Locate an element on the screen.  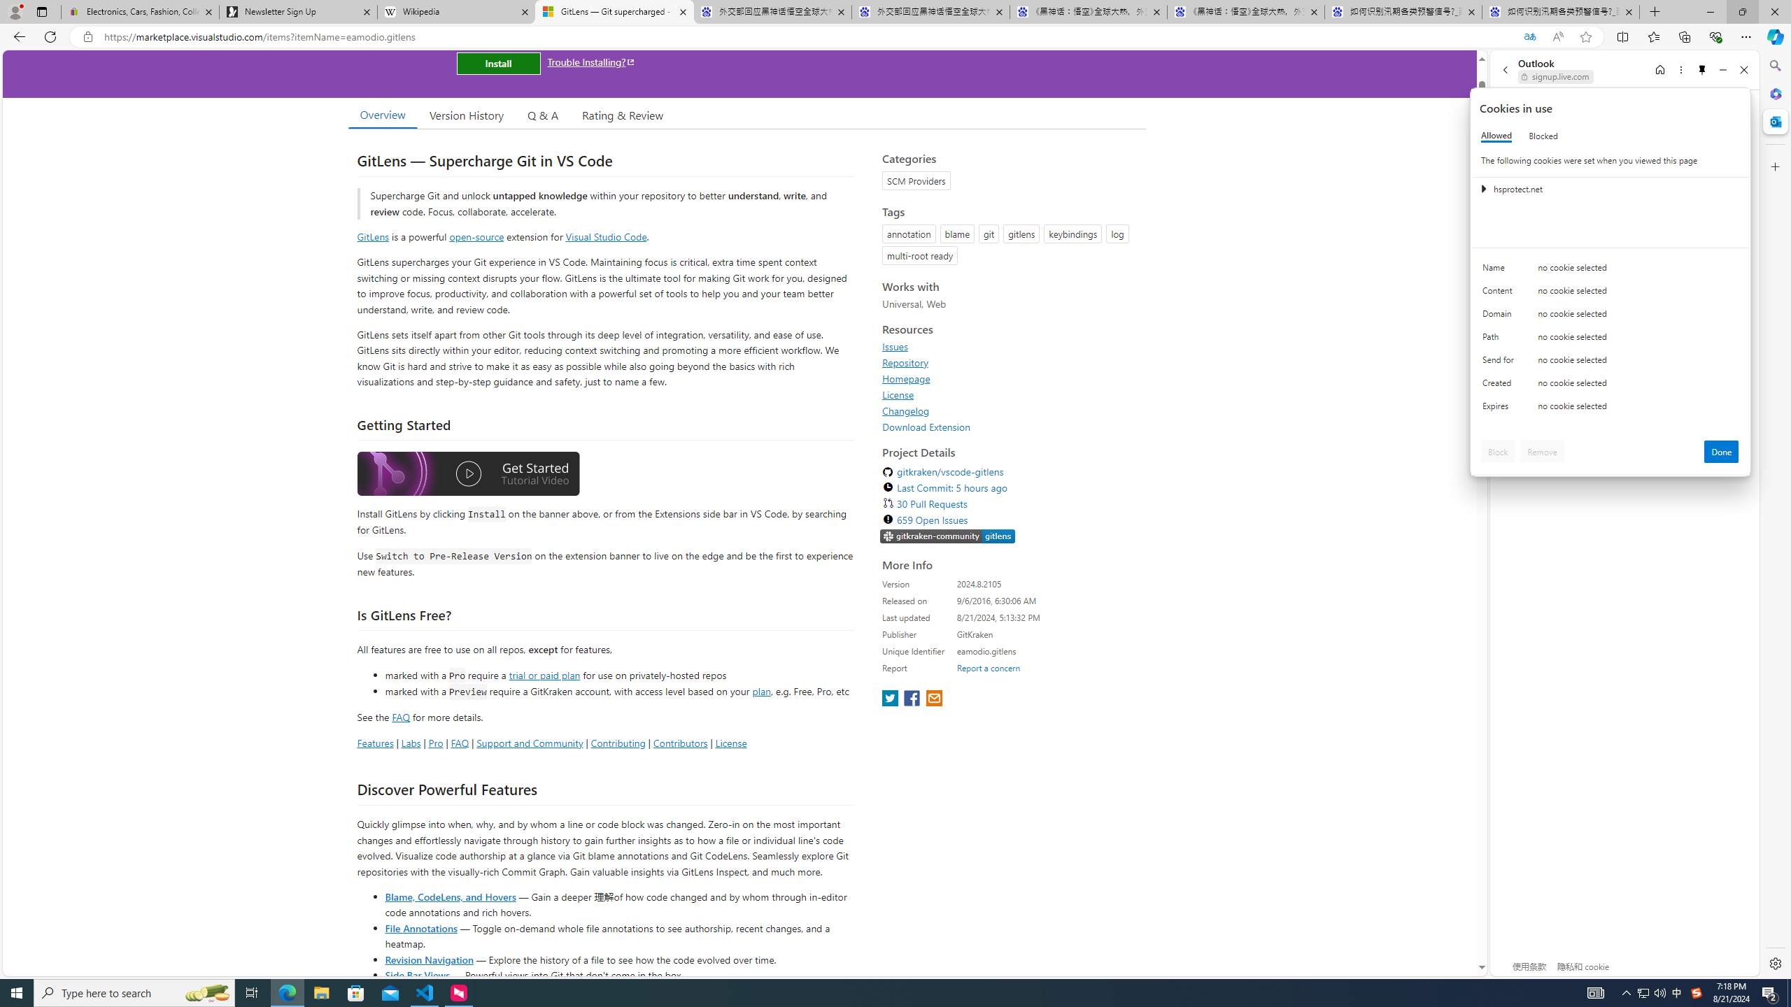
'Domain' is located at coordinates (1500, 316).